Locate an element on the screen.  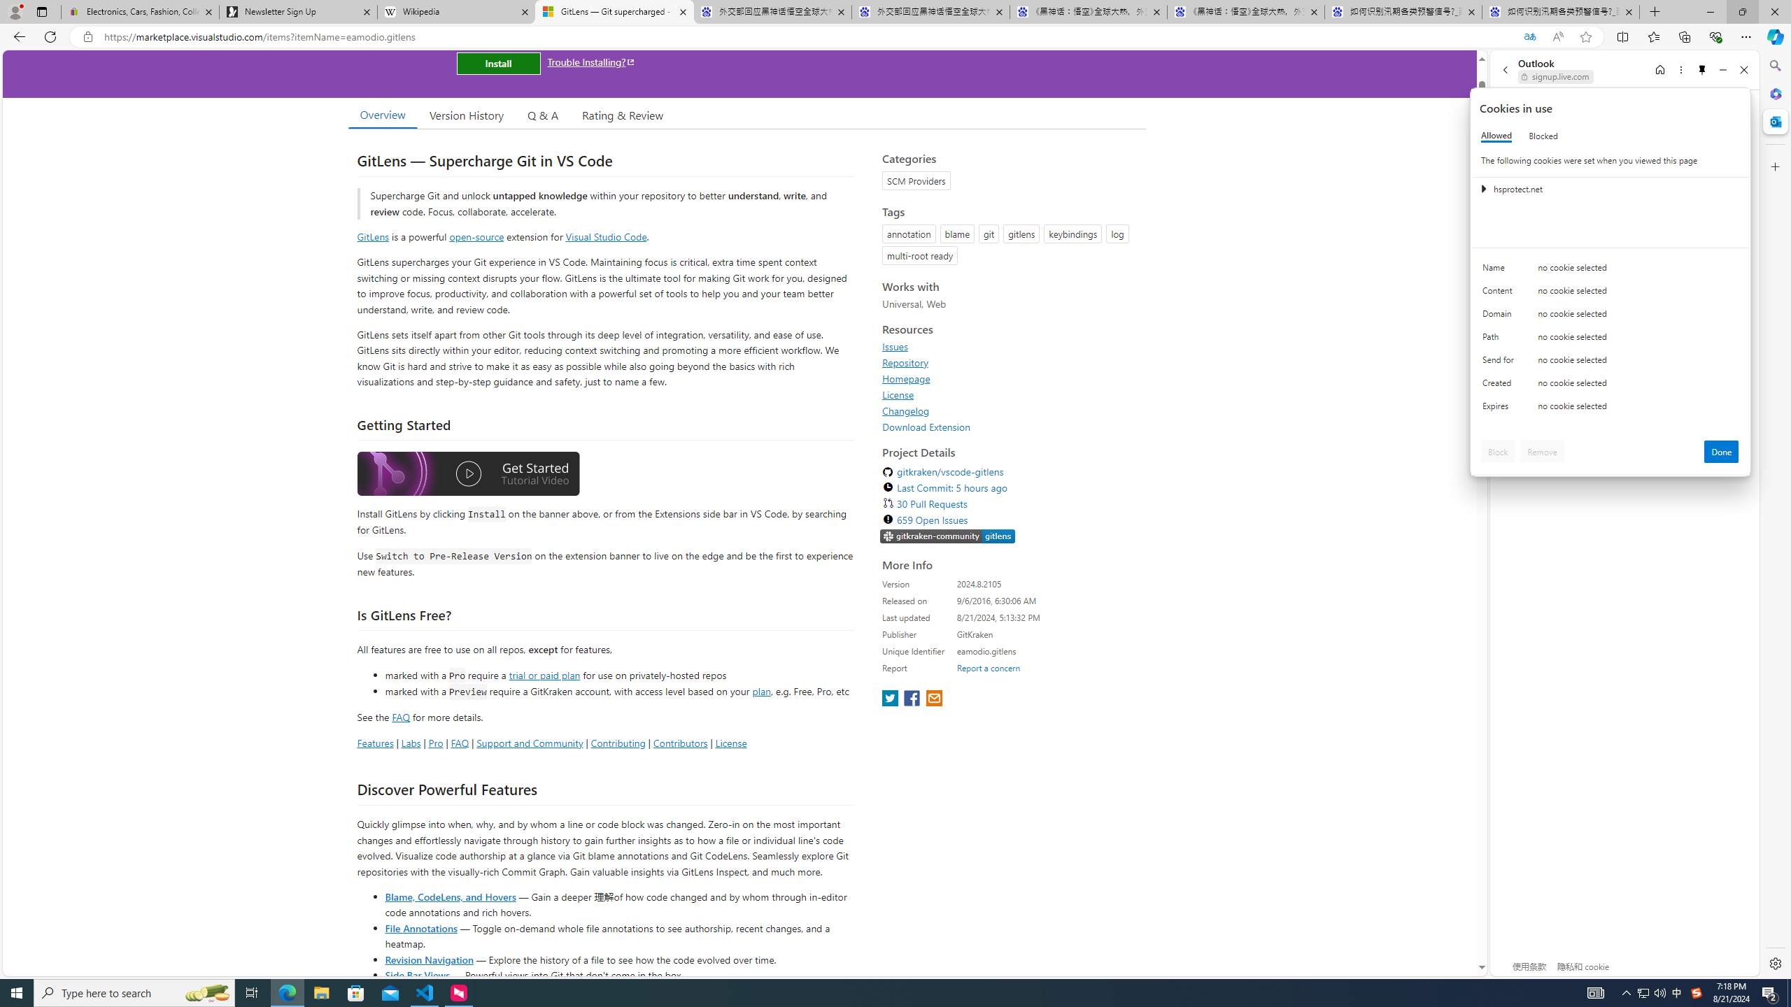
'Domain' is located at coordinates (1500, 316).